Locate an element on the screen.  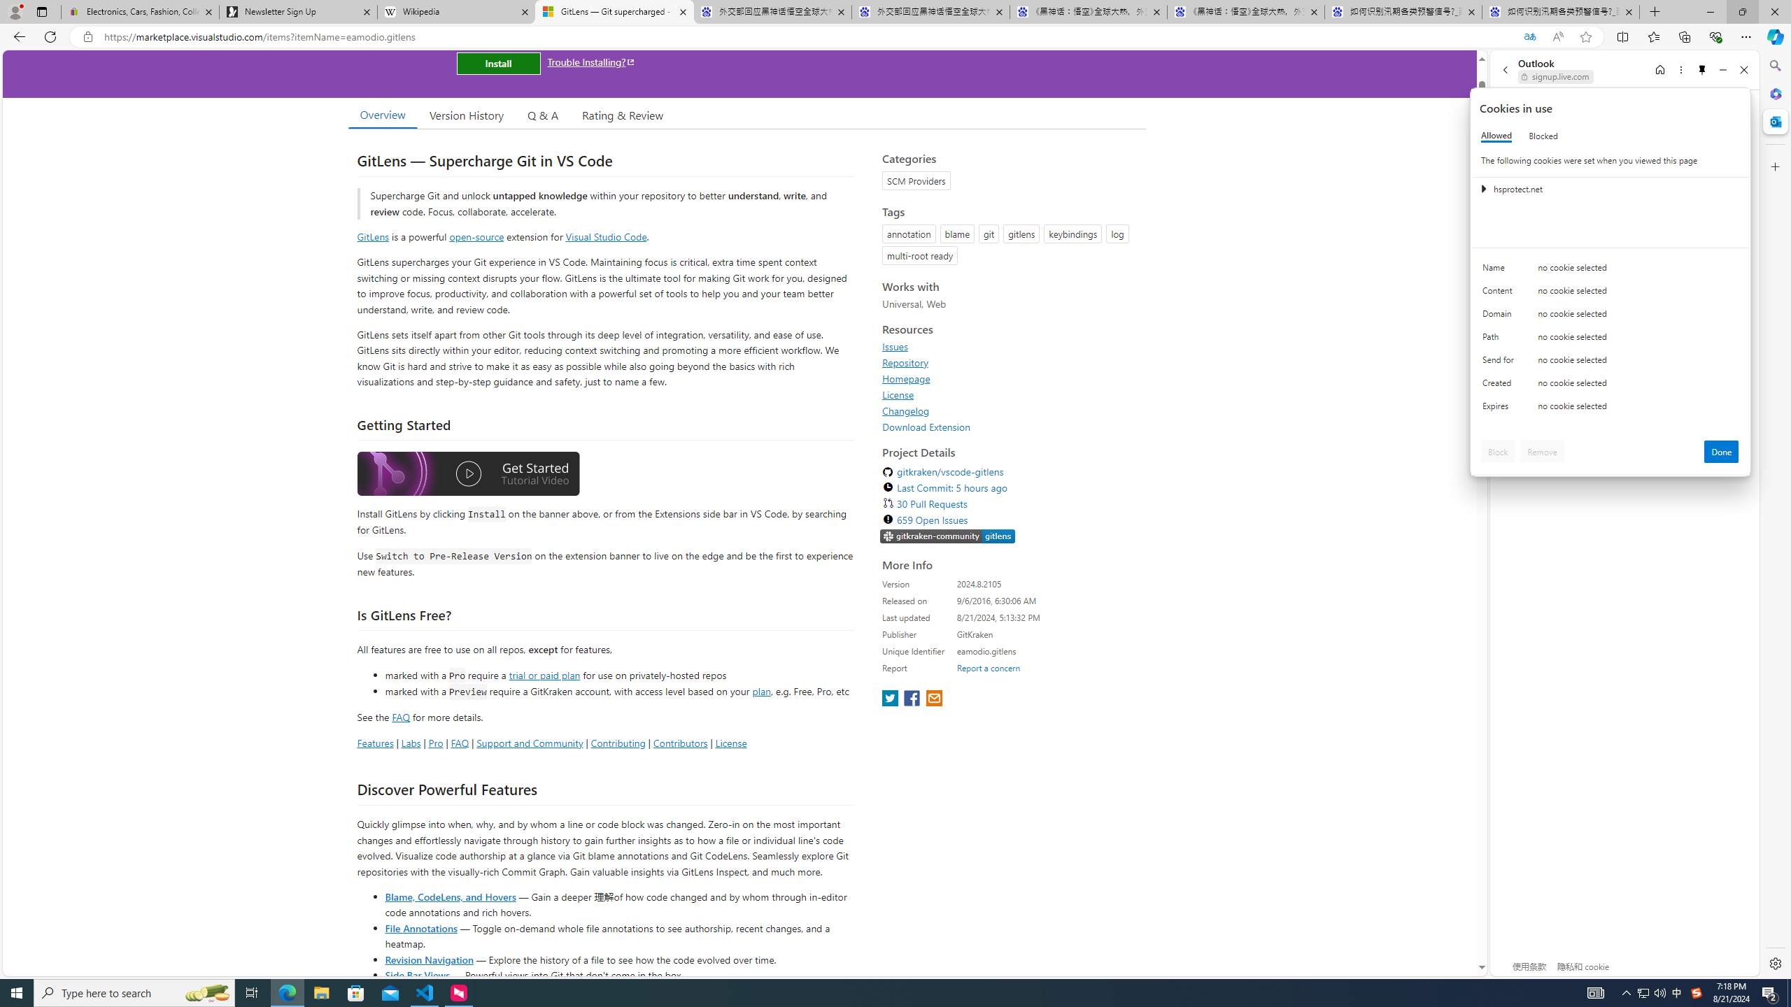
'Domain' is located at coordinates (1500, 316).